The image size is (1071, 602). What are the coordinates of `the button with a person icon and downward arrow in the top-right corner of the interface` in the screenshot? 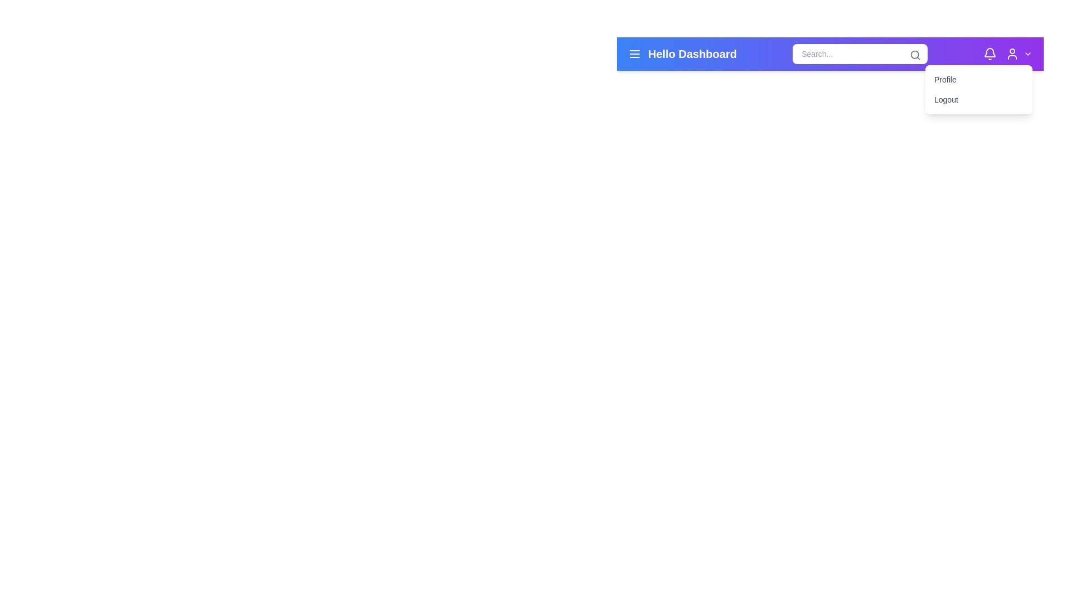 It's located at (1019, 54).